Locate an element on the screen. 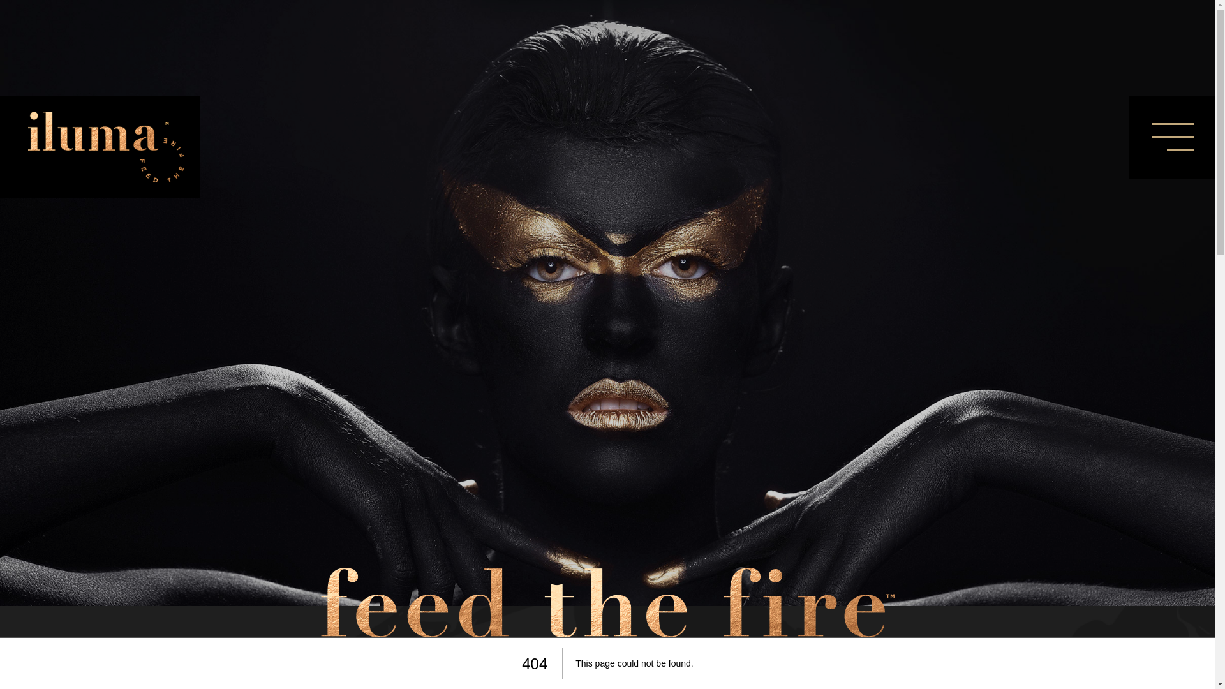 This screenshot has width=1225, height=689. 'Menu' is located at coordinates (1172, 137).